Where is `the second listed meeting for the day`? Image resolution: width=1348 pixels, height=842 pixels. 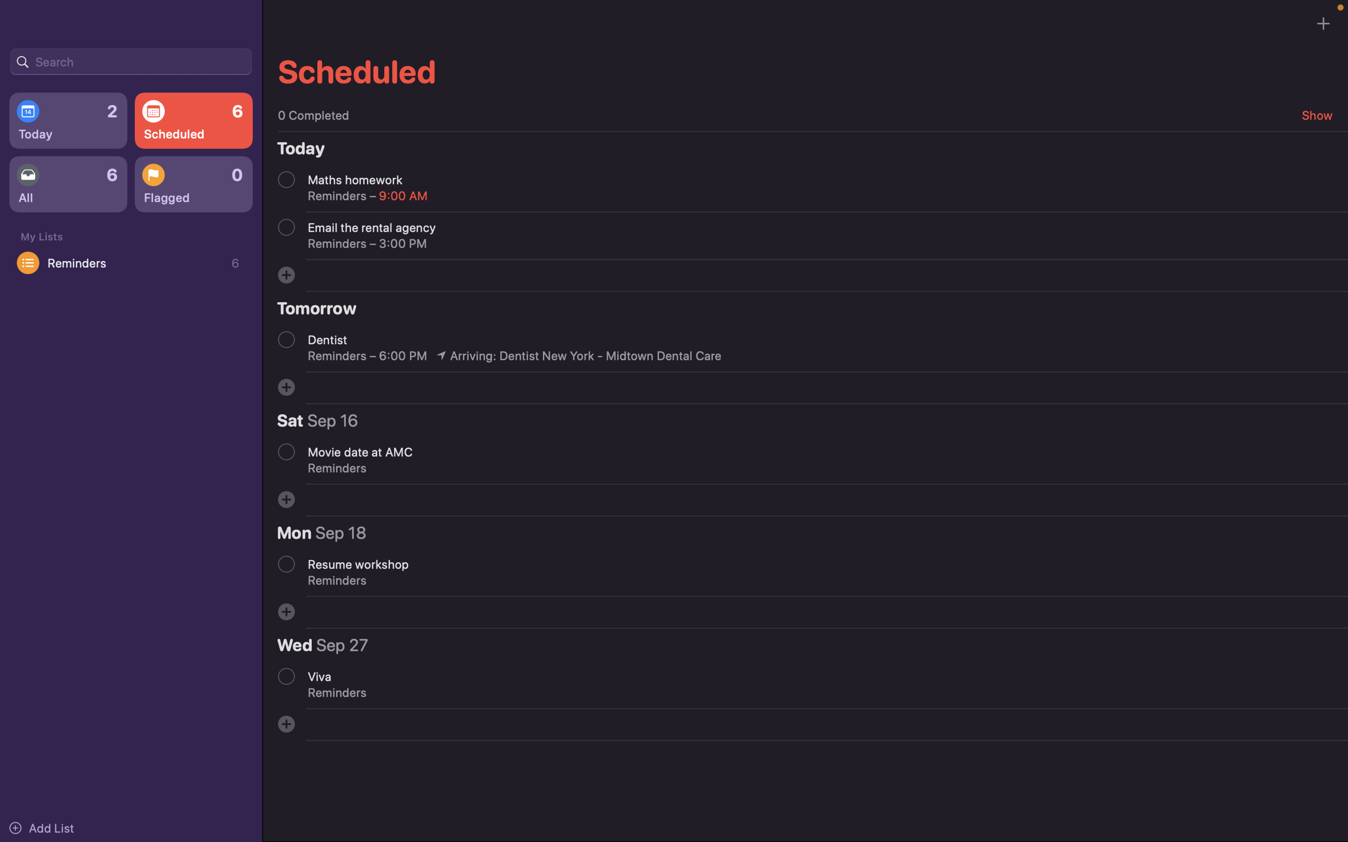
the second listed meeting for the day is located at coordinates (286, 227).